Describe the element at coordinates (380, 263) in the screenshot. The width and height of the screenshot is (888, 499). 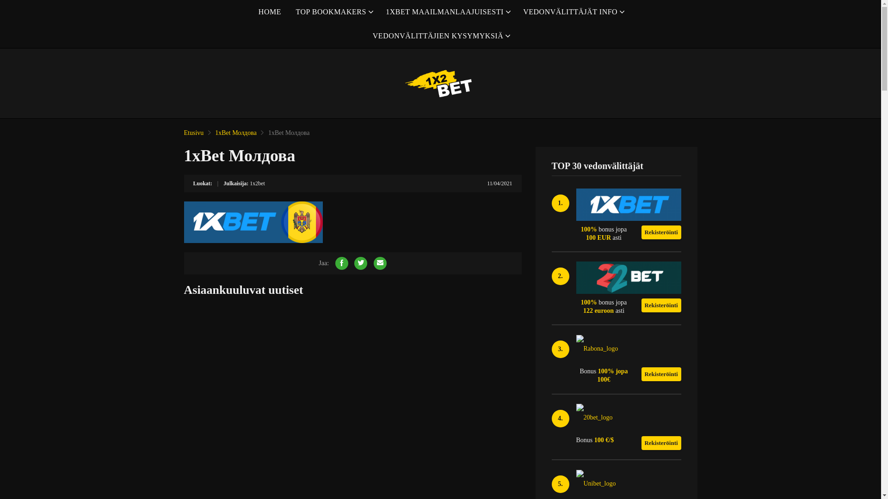
I see `'Share by email'` at that location.